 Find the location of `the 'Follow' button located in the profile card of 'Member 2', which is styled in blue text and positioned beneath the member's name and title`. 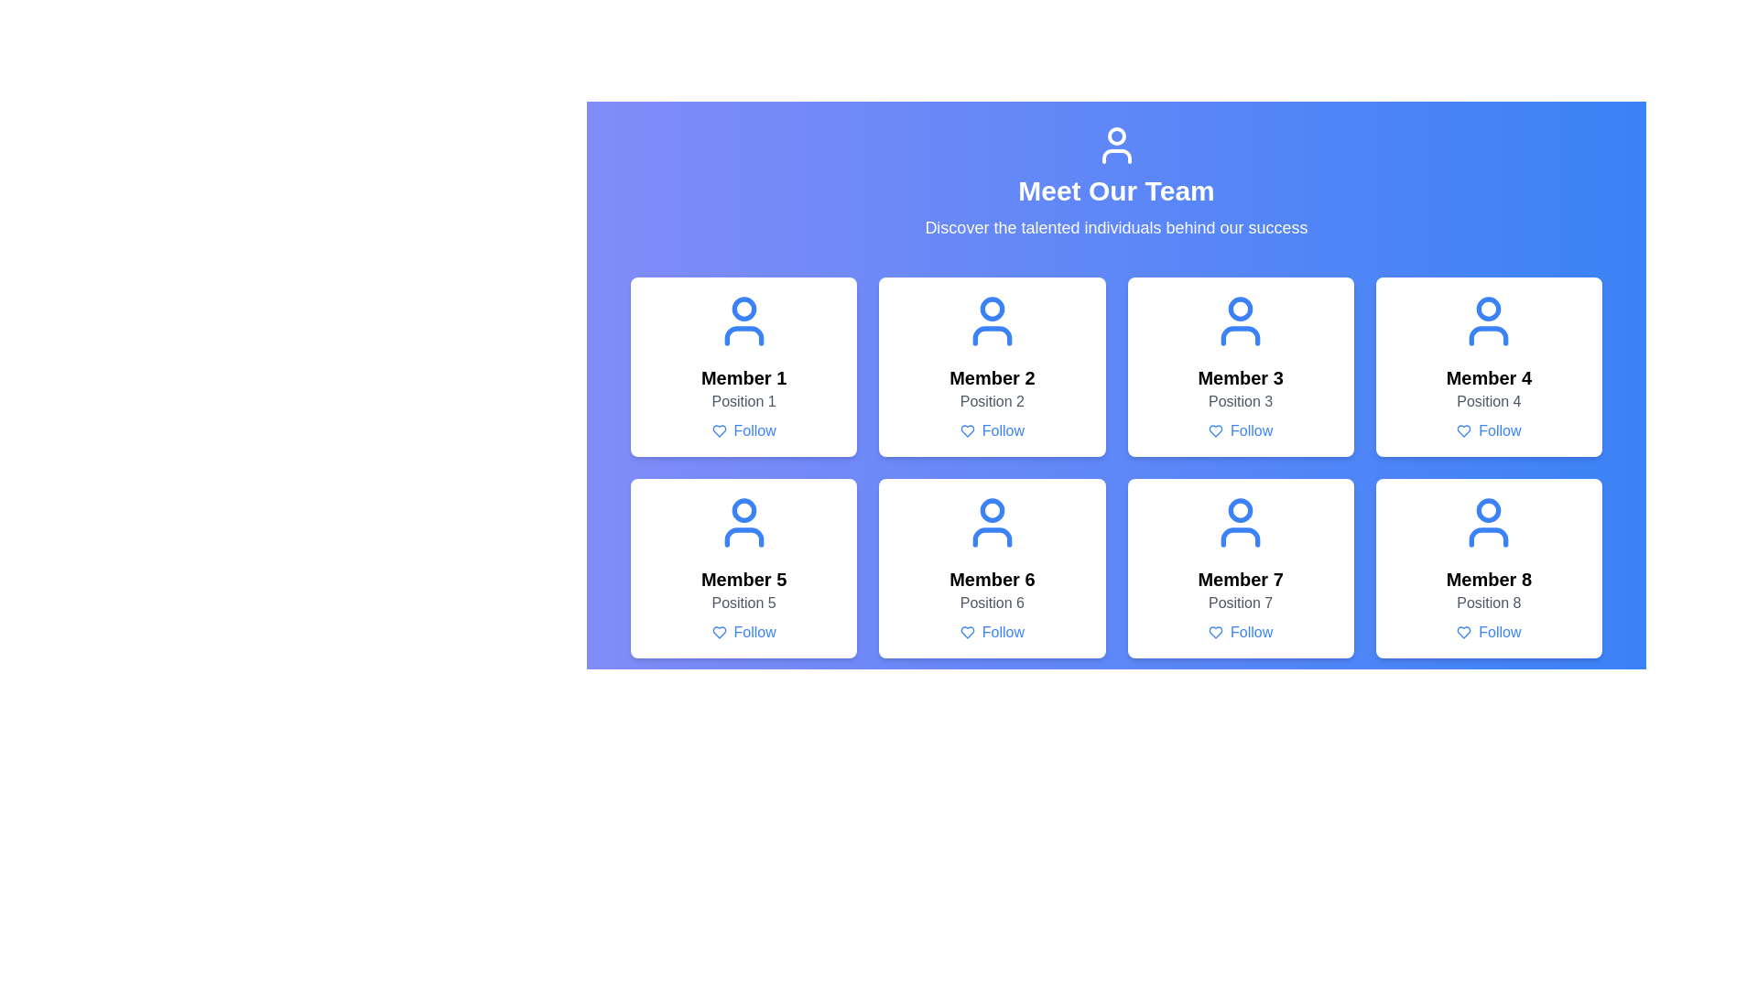

the 'Follow' button located in the profile card of 'Member 2', which is styled in blue text and positioned beneath the member's name and title is located at coordinates (1002, 430).